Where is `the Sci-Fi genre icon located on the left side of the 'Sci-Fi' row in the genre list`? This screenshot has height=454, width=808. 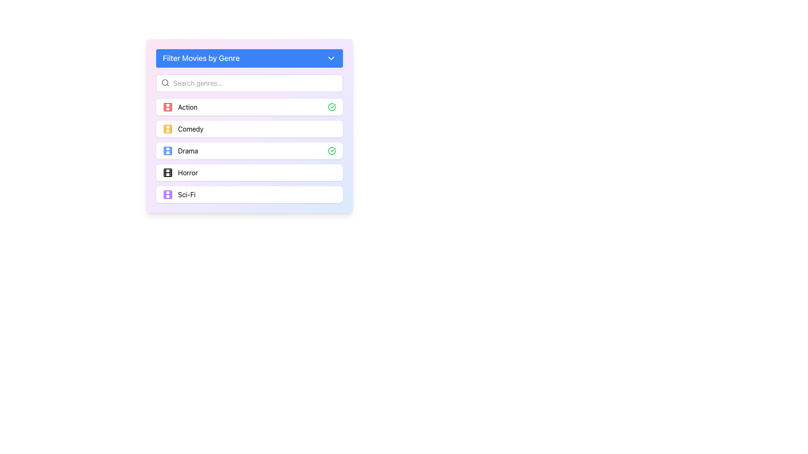
the Sci-Fi genre icon located on the left side of the 'Sci-Fi' row in the genre list is located at coordinates (167, 194).